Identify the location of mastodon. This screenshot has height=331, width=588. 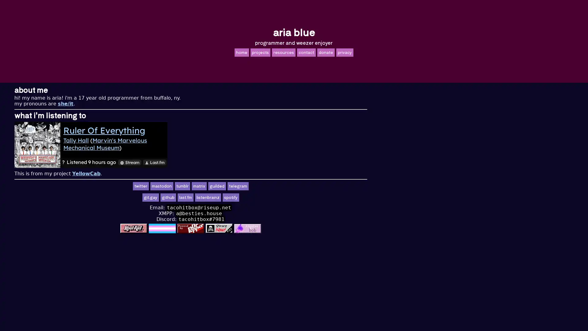
(265, 186).